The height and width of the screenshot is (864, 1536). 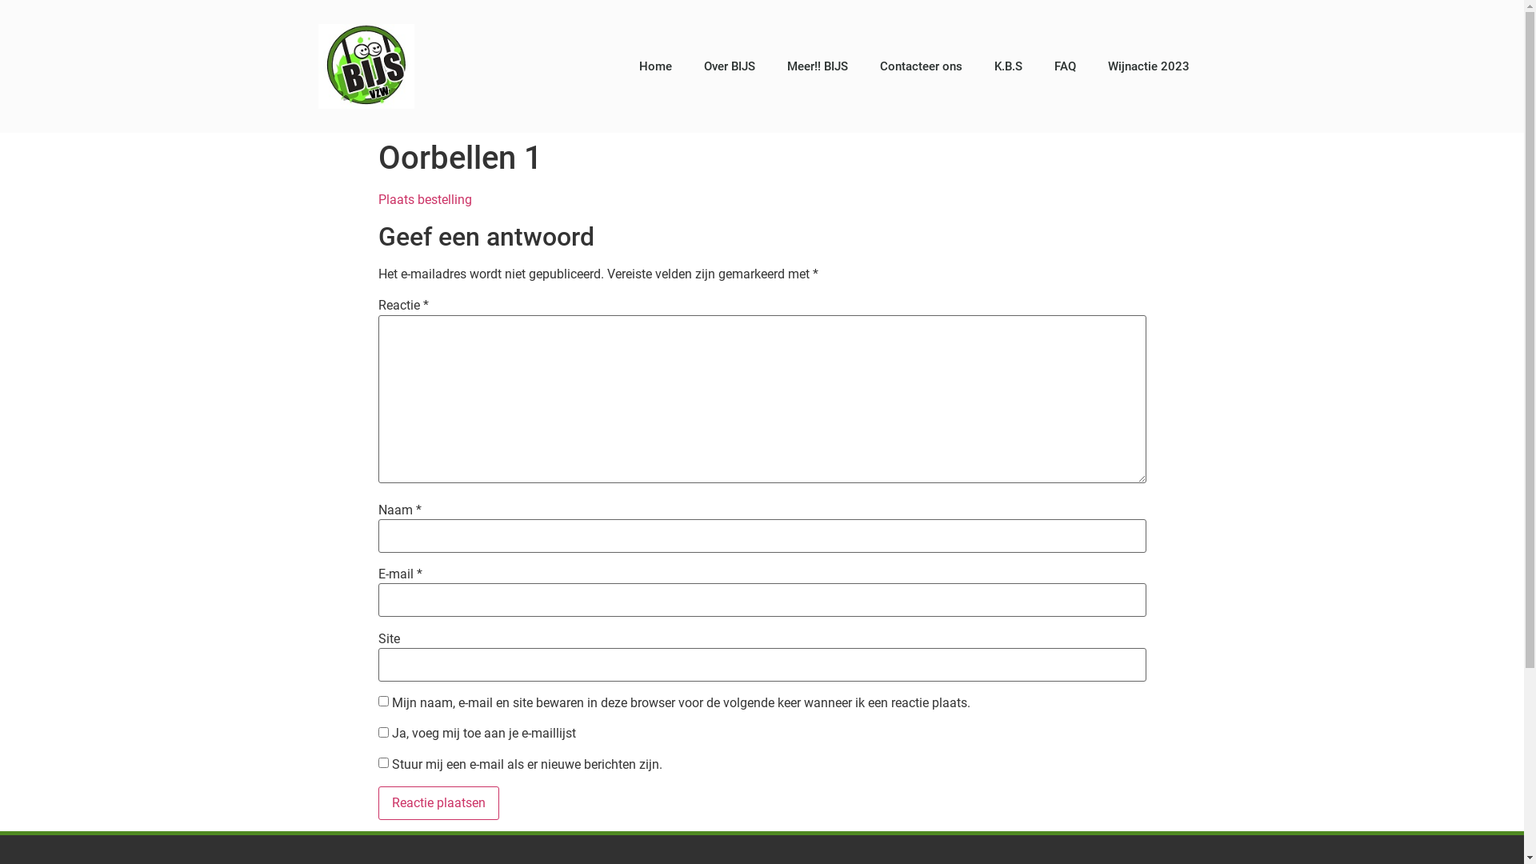 I want to click on 'FAQ', so click(x=1065, y=66).